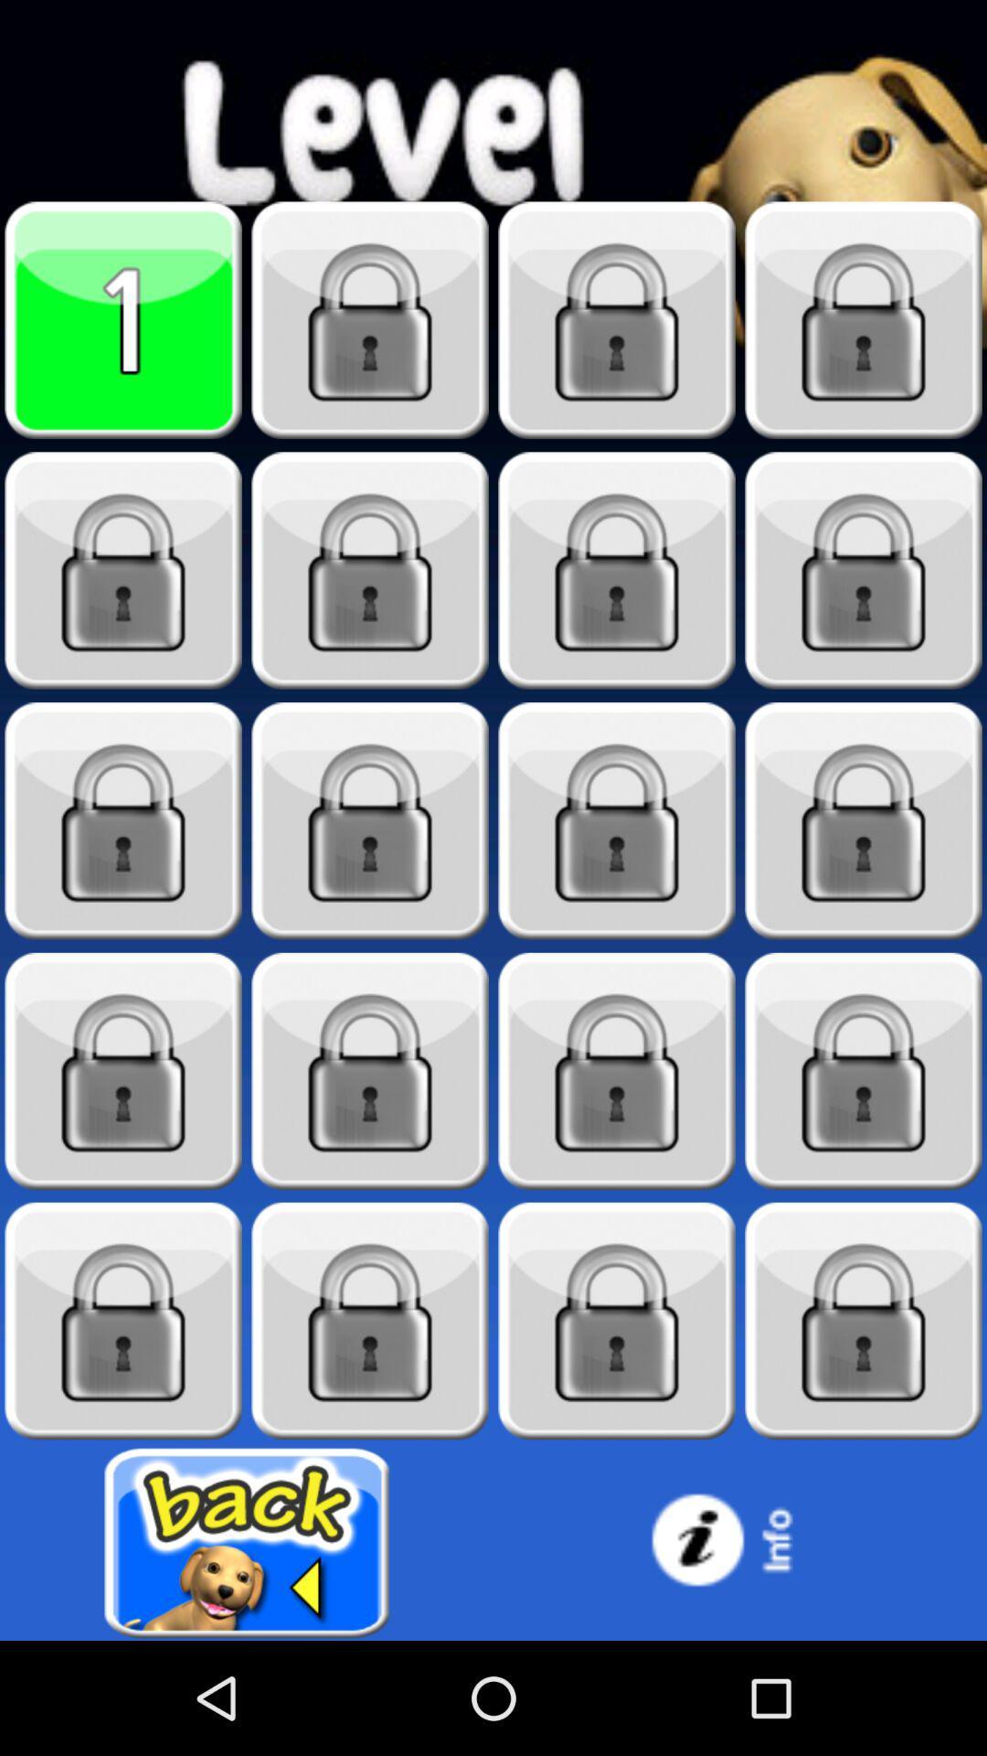 This screenshot has width=987, height=1756. Describe the element at coordinates (370, 820) in the screenshot. I see `game level` at that location.